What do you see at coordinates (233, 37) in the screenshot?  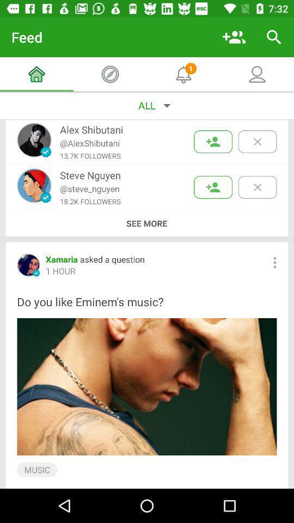 I see `the item next to the feed` at bounding box center [233, 37].